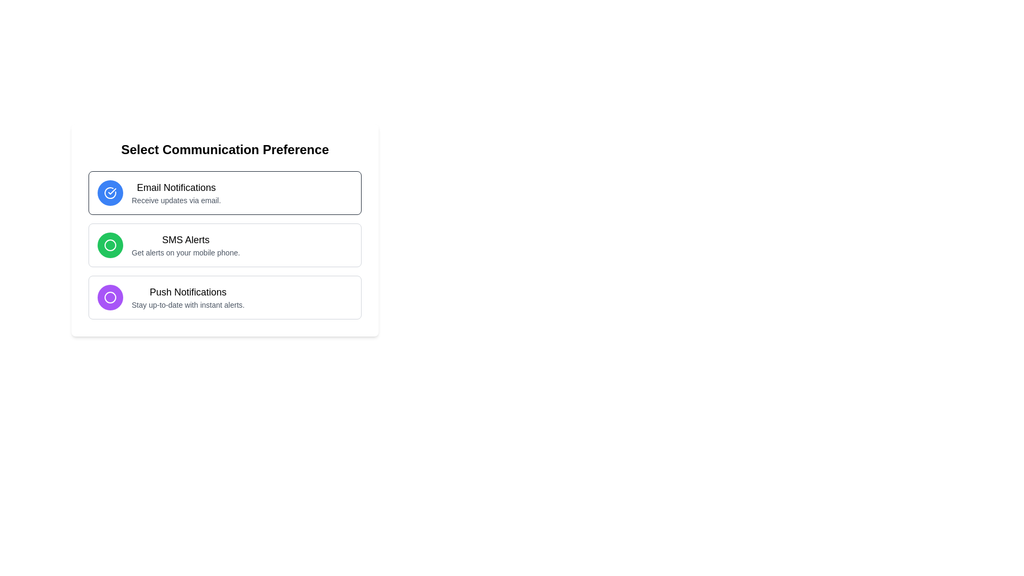 The image size is (1024, 576). What do you see at coordinates (225, 230) in the screenshot?
I see `the 'SMS Alerts' option card, which is the middle card in a vertical list under 'Select Communication Preference'` at bounding box center [225, 230].